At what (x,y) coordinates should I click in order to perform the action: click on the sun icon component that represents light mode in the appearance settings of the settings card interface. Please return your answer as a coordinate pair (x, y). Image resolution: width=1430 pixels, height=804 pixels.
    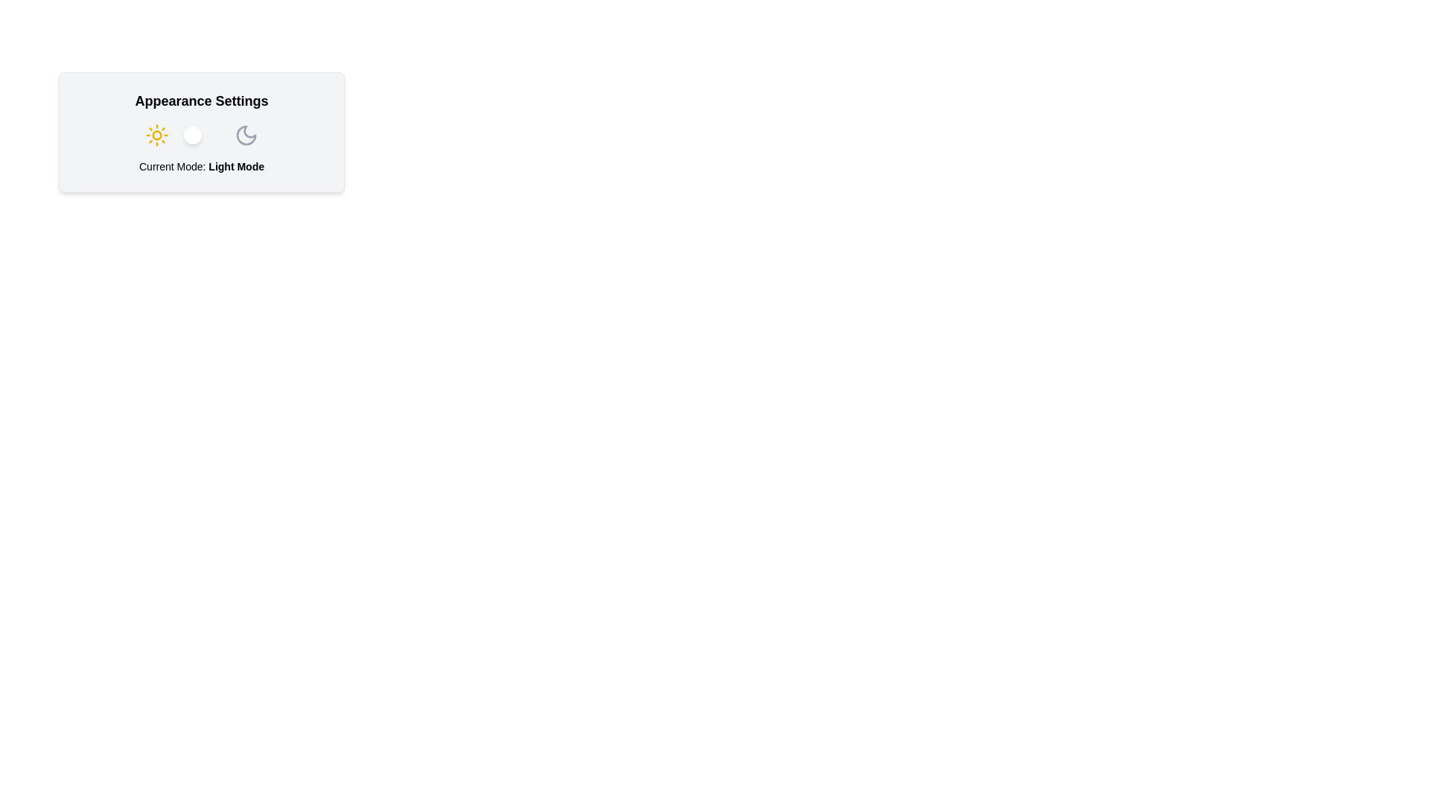
    Looking at the image, I should click on (157, 135).